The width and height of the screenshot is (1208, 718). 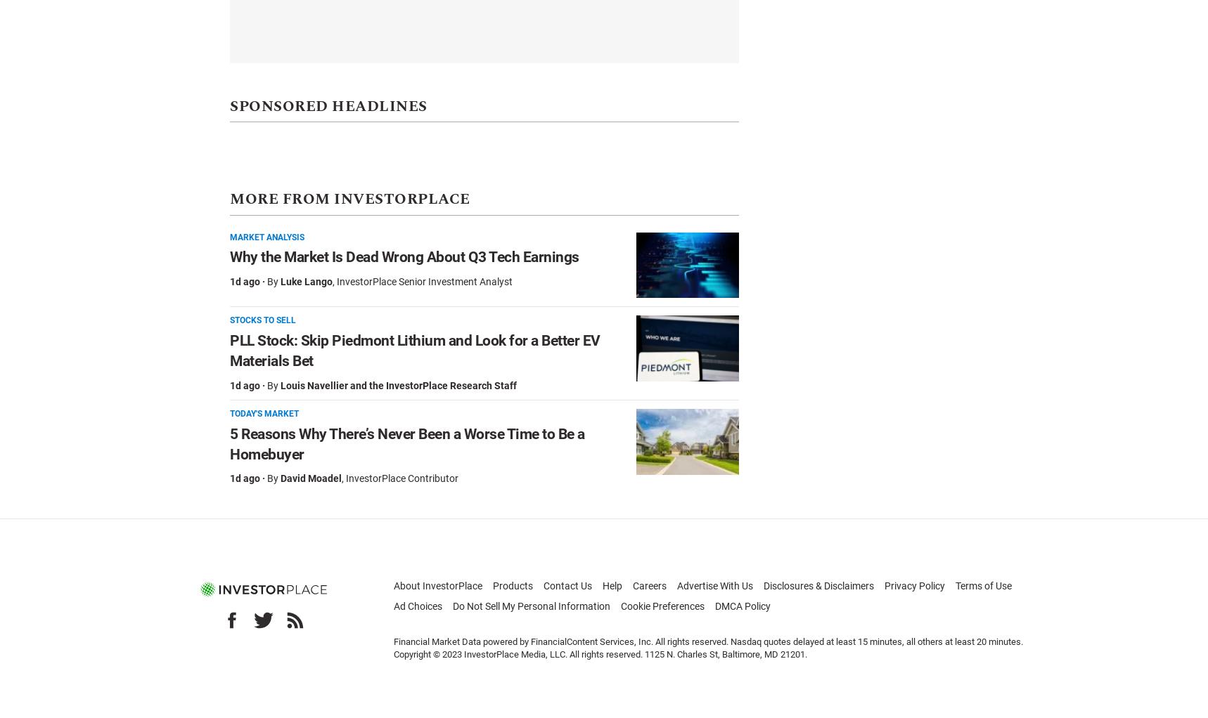 I want to click on 'Disclosures & Disclaimers', so click(x=818, y=585).